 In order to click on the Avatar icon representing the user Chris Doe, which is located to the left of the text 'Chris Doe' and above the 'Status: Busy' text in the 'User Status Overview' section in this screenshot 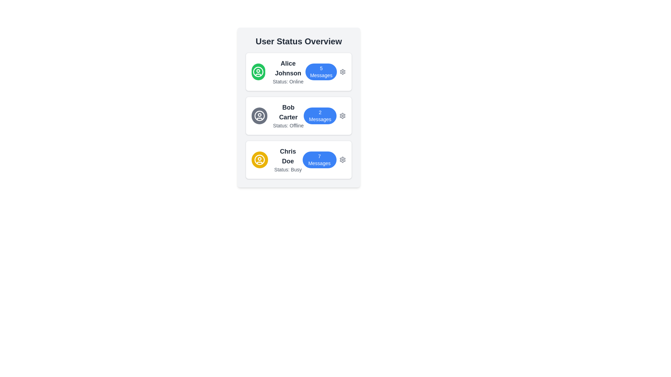, I will do `click(259, 160)`.